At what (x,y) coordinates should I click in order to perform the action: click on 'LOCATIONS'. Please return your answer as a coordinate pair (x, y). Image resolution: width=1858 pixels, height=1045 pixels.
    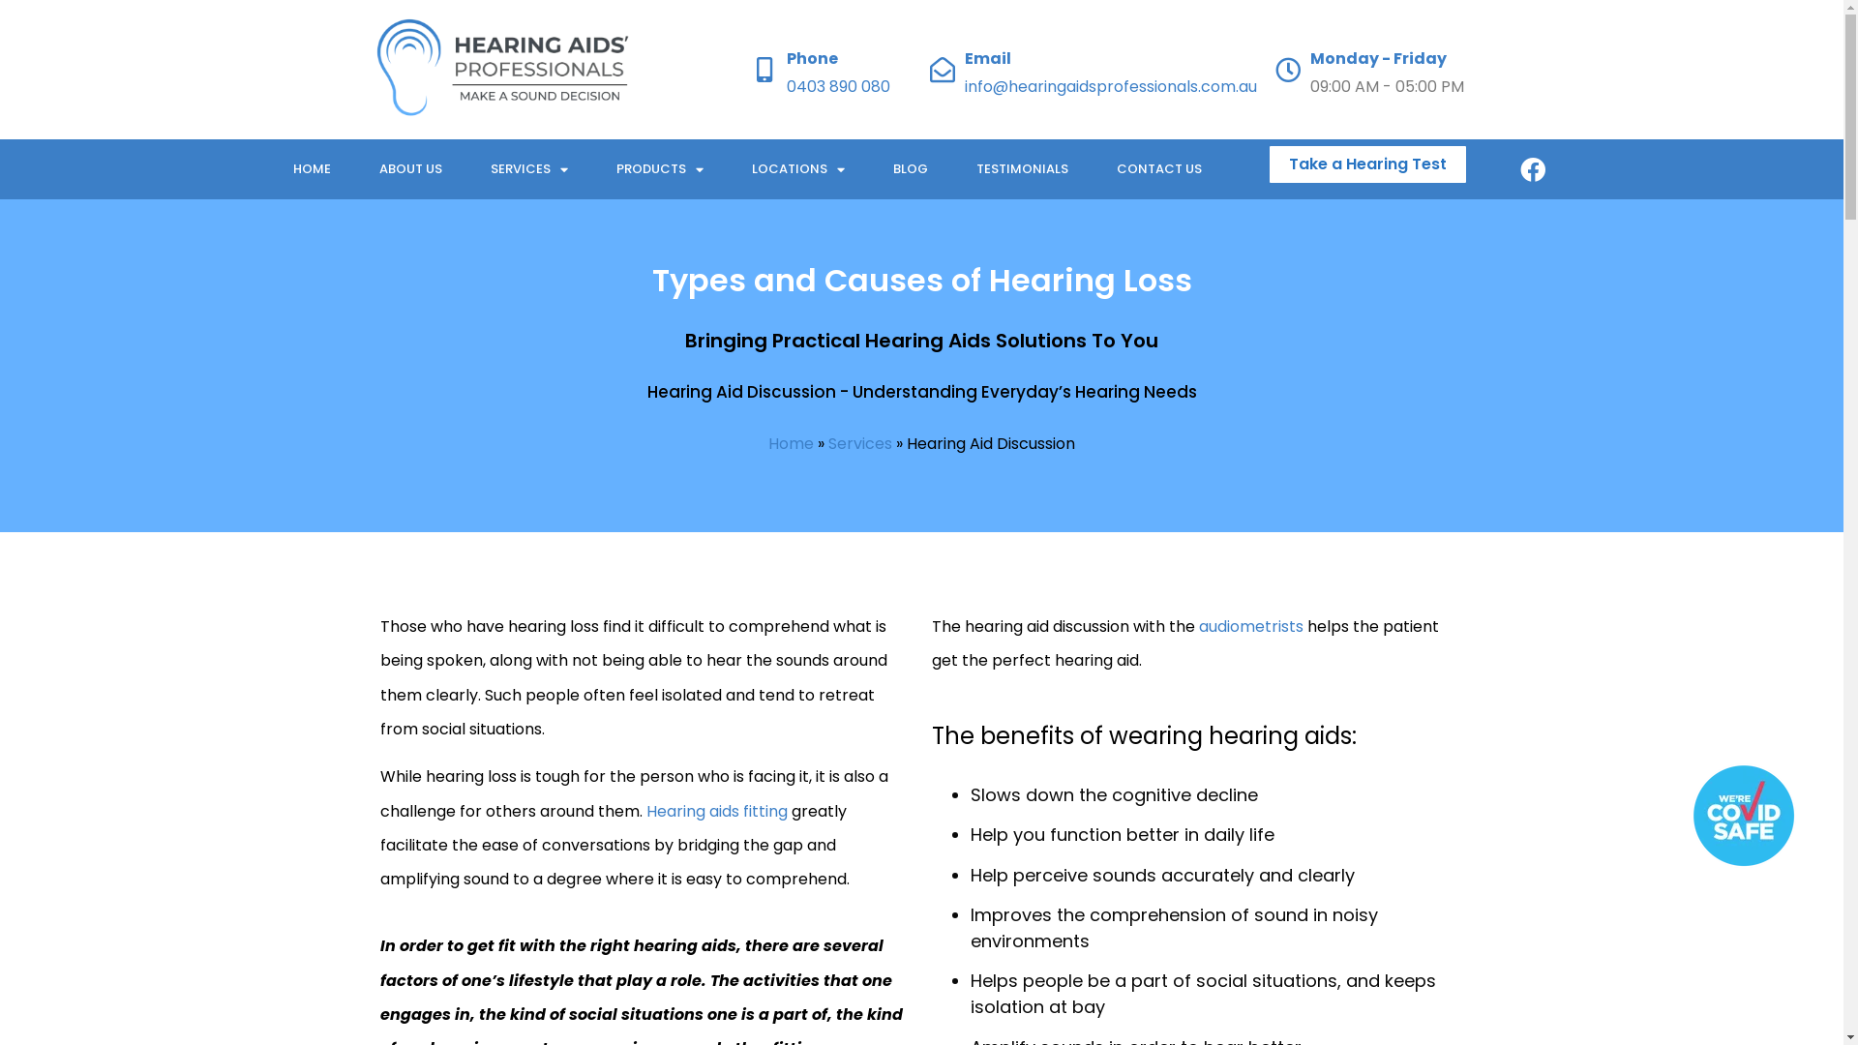
    Looking at the image, I should click on (798, 167).